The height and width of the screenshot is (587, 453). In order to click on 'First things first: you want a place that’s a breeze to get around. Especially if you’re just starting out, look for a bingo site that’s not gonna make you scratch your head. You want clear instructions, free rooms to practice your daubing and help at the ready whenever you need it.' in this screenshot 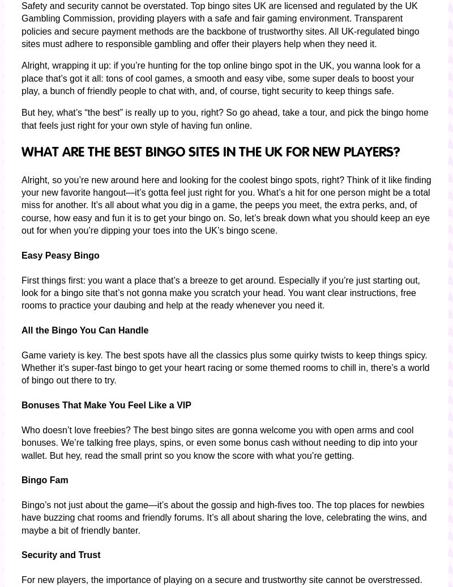, I will do `click(220, 293)`.